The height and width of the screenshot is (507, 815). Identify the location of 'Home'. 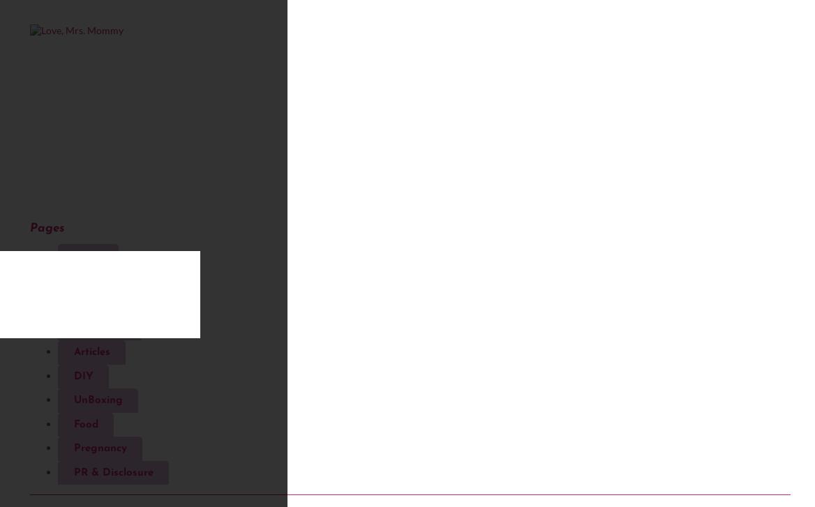
(87, 255).